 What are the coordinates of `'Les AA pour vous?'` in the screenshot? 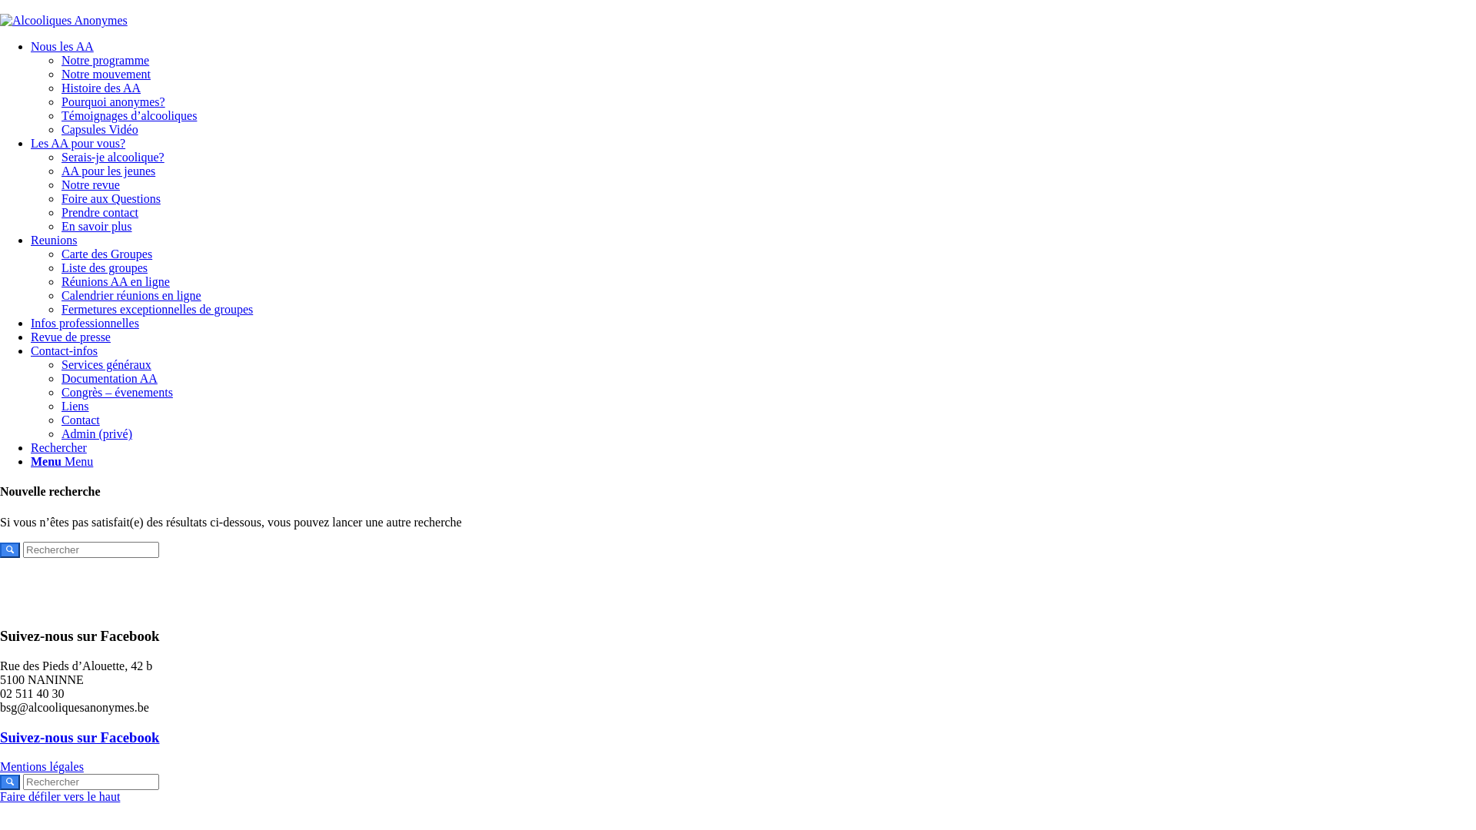 It's located at (77, 143).